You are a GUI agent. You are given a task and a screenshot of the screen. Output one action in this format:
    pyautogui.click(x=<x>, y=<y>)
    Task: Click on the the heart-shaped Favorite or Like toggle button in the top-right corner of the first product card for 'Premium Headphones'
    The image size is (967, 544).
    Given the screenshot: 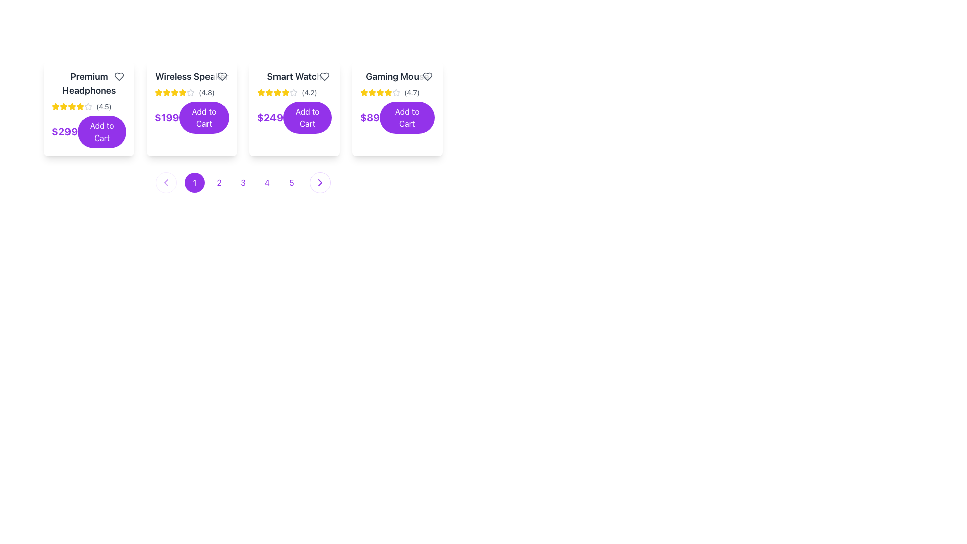 What is the action you would take?
    pyautogui.click(x=119, y=76)
    